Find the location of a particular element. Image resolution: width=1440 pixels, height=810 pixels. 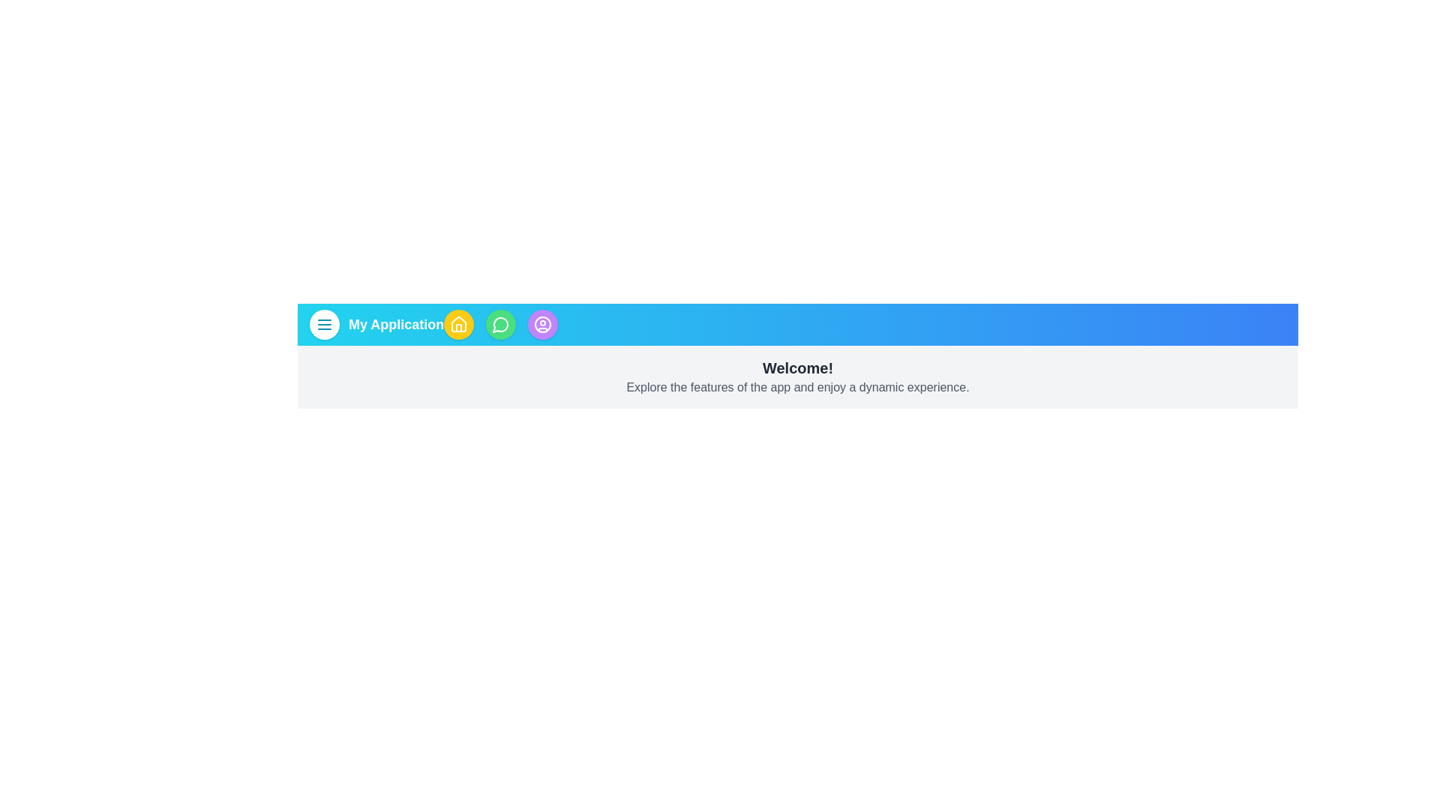

the user profile button is located at coordinates (542, 323).